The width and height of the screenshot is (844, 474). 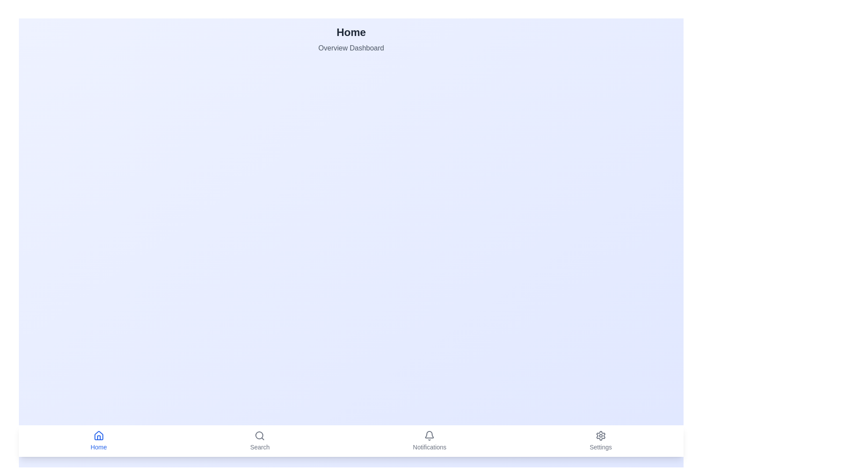 I want to click on the Settings tab in the bottom navigation bar to view its title and description, so click(x=600, y=441).